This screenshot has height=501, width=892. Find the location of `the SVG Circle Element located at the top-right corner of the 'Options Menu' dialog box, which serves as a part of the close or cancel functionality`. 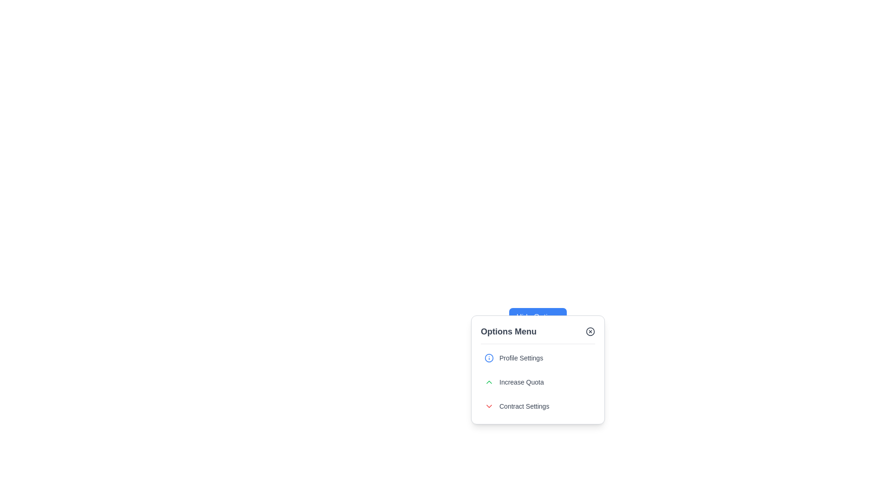

the SVG Circle Element located at the top-right corner of the 'Options Menu' dialog box, which serves as a part of the close or cancel functionality is located at coordinates (590, 331).